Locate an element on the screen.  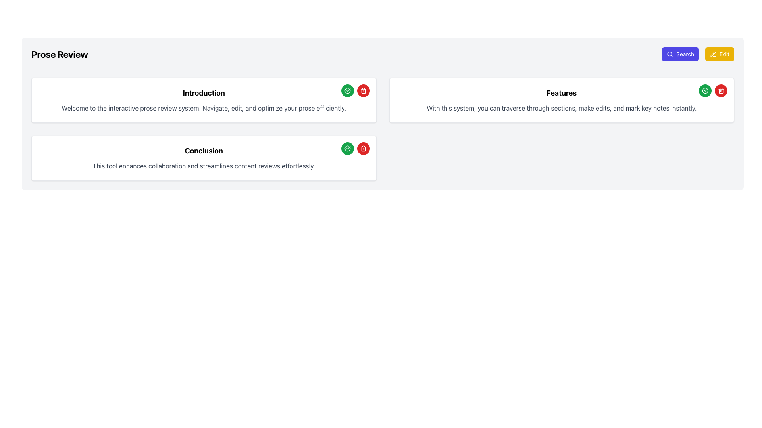
the magnifying glass icon, which is located to the left of the purple 'Search' button in the top-right corner of the interface is located at coordinates (670, 54).